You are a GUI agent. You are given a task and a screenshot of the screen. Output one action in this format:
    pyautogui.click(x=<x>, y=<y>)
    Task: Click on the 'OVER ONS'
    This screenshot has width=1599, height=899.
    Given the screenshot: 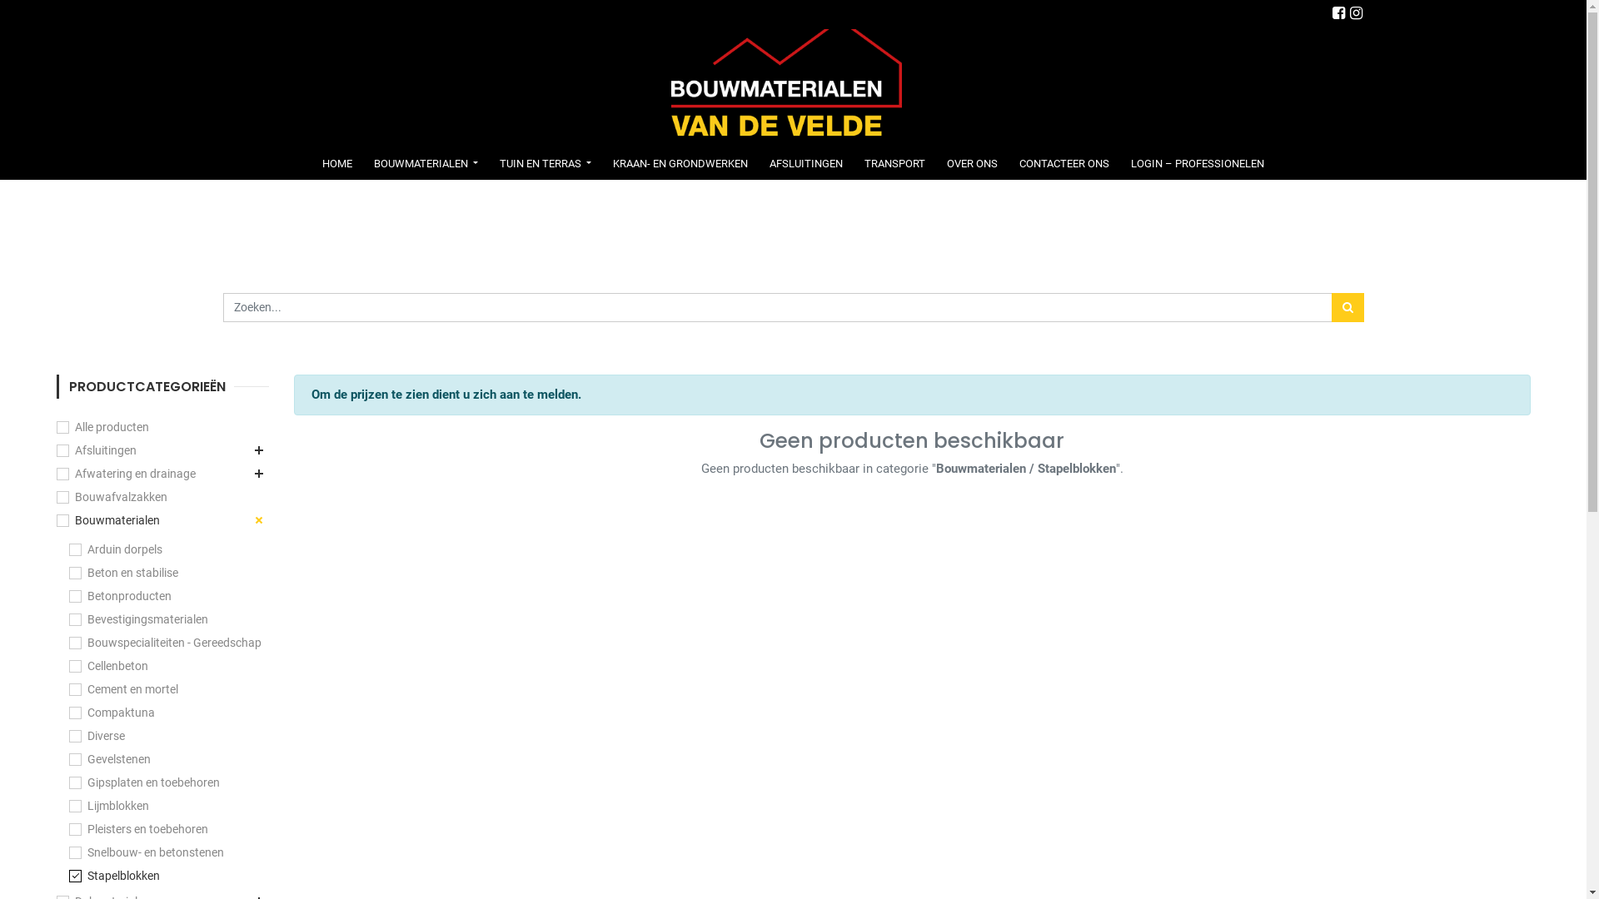 What is the action you would take?
    pyautogui.click(x=972, y=163)
    